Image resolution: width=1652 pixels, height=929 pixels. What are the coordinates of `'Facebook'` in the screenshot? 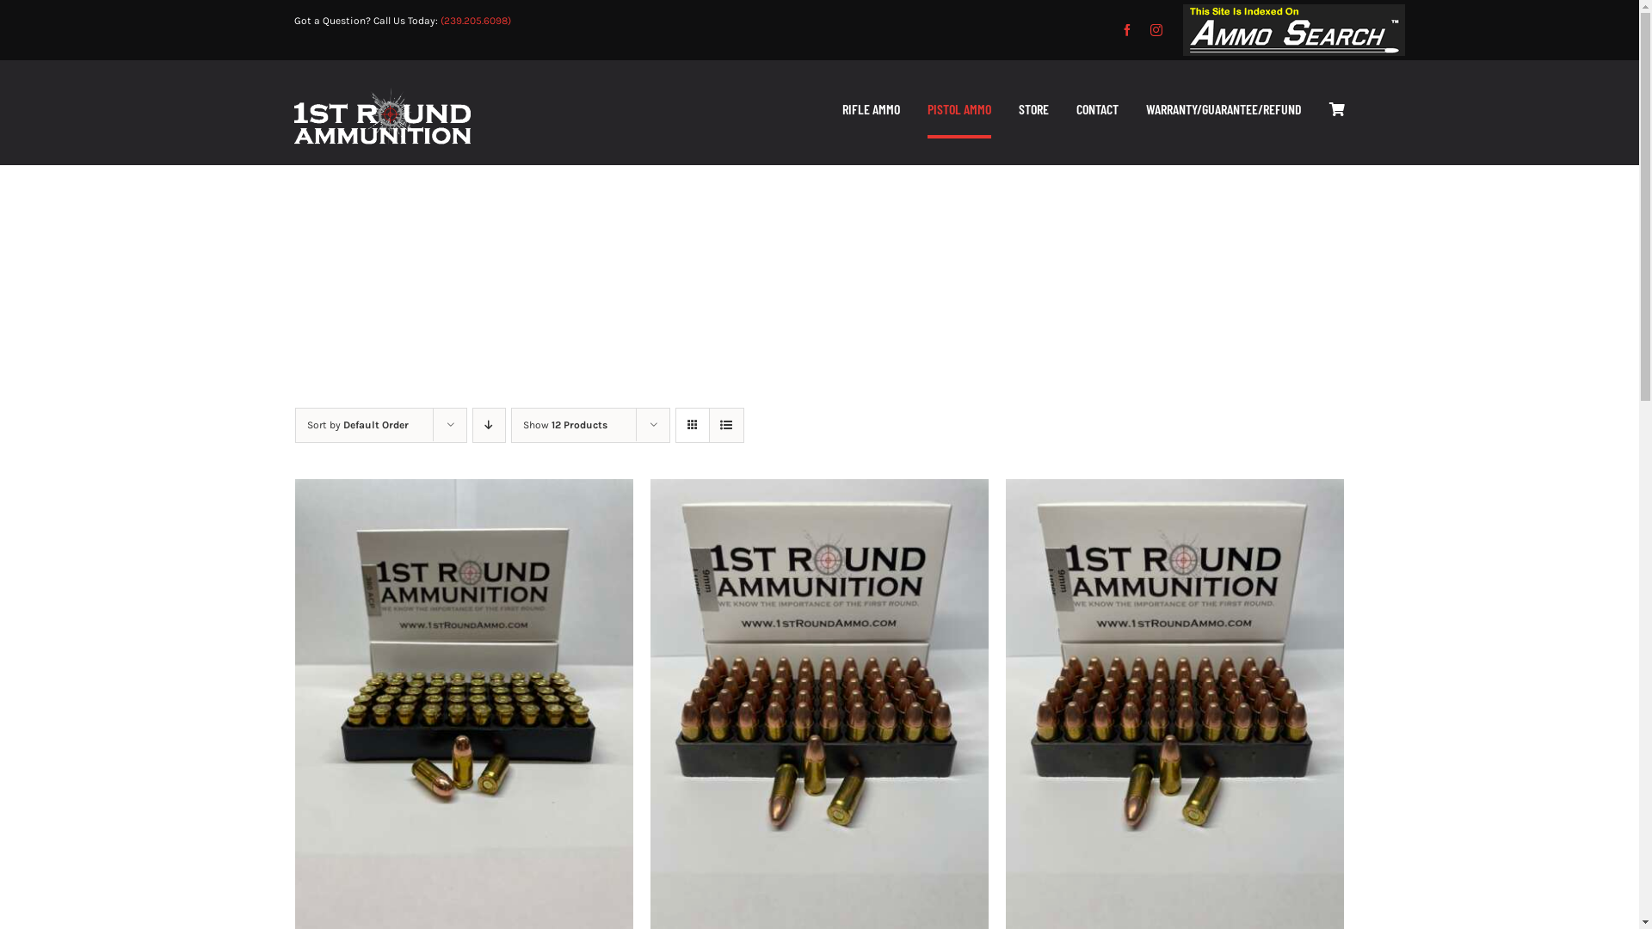 It's located at (1127, 29).